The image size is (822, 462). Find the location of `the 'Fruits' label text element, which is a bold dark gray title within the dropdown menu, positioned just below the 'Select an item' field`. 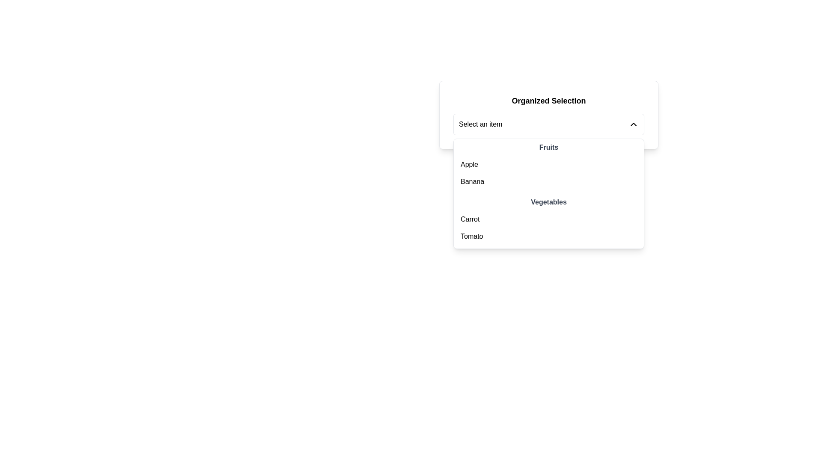

the 'Fruits' label text element, which is a bold dark gray title within the dropdown menu, positioned just below the 'Select an item' field is located at coordinates (548, 147).